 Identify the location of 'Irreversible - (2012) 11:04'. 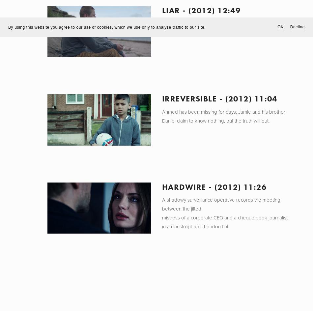
(219, 98).